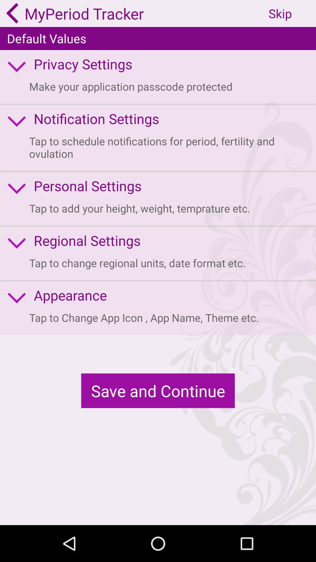 Image resolution: width=316 pixels, height=562 pixels. Describe the element at coordinates (12, 14) in the screenshot. I see `the arrow_backward icon` at that location.